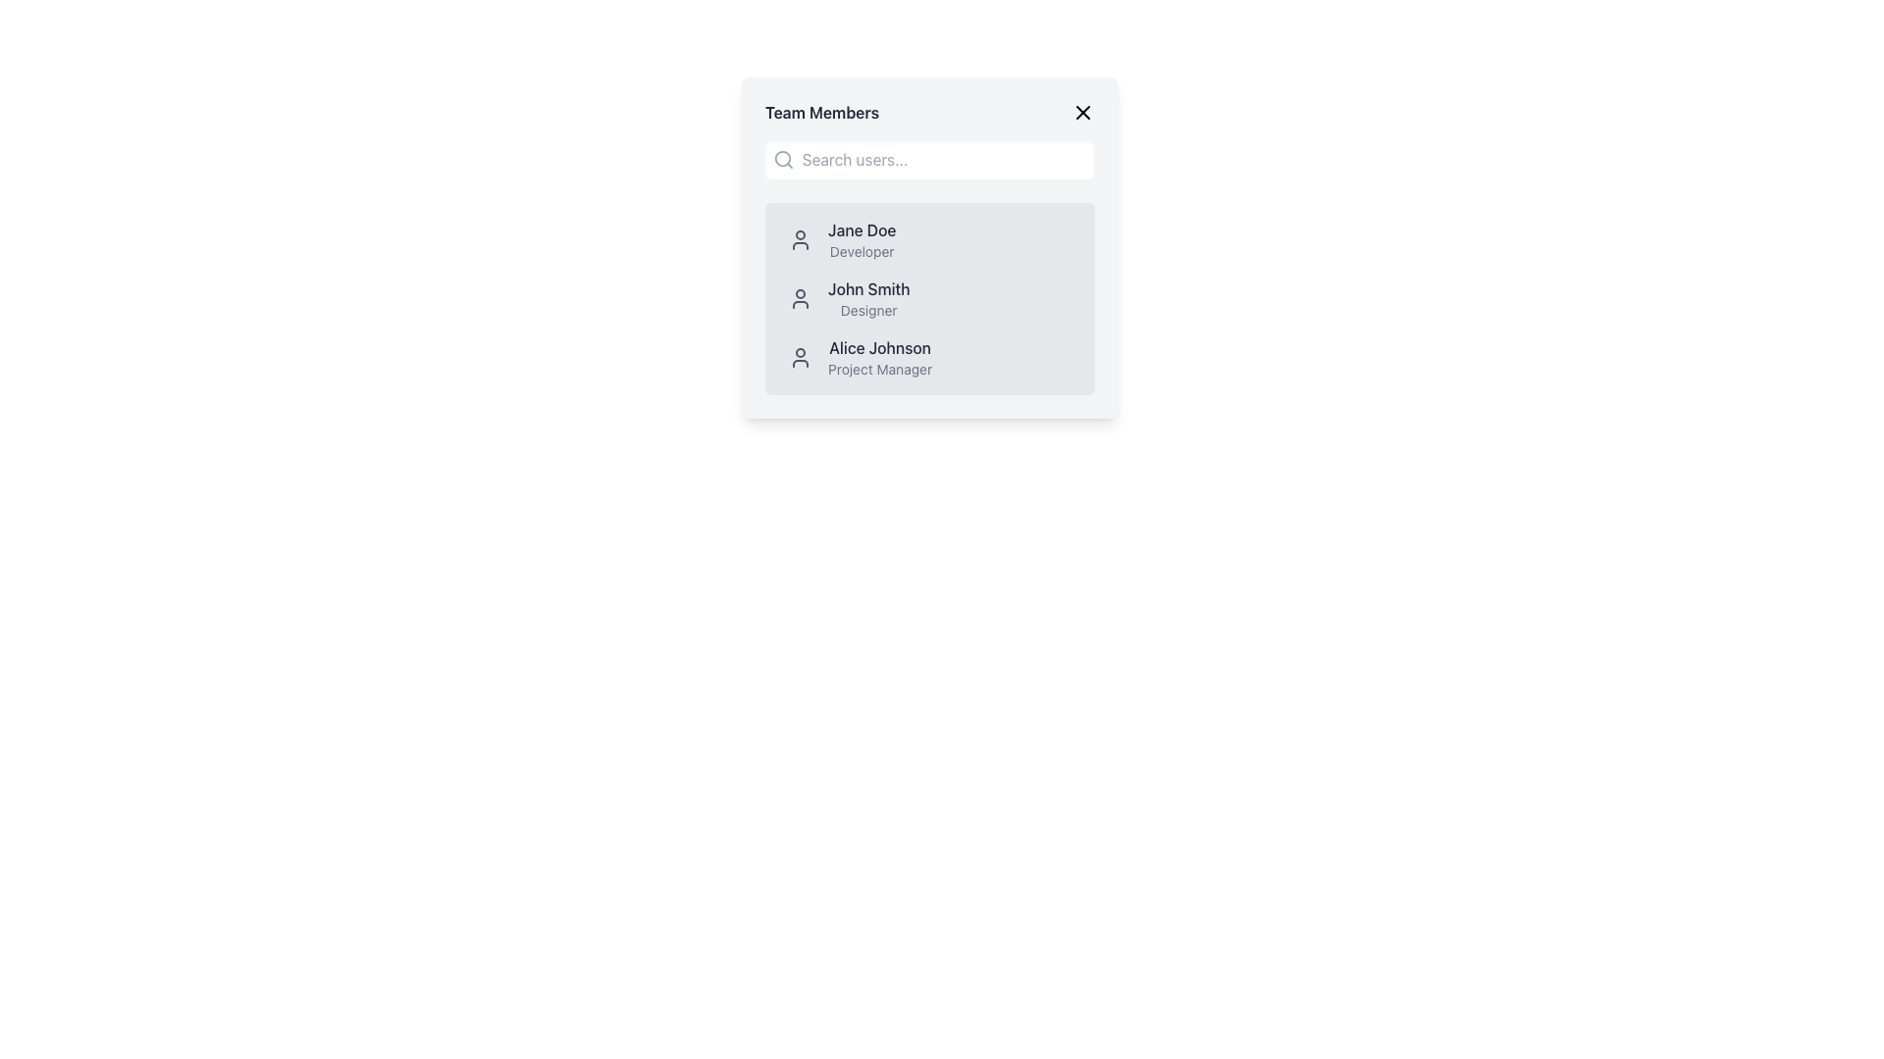 This screenshot has height=1059, width=1884. What do you see at coordinates (801, 298) in the screenshot?
I see `the gray outline icon representing 'John Smith Designer'` at bounding box center [801, 298].